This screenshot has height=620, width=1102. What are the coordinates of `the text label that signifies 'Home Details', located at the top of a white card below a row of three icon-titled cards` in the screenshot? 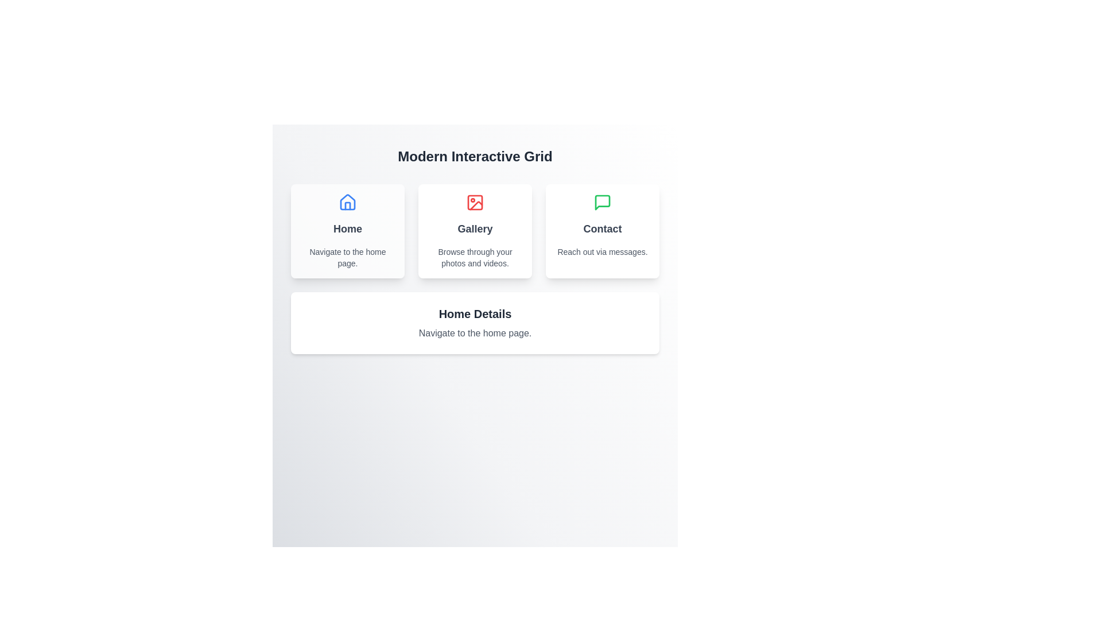 It's located at (475, 314).